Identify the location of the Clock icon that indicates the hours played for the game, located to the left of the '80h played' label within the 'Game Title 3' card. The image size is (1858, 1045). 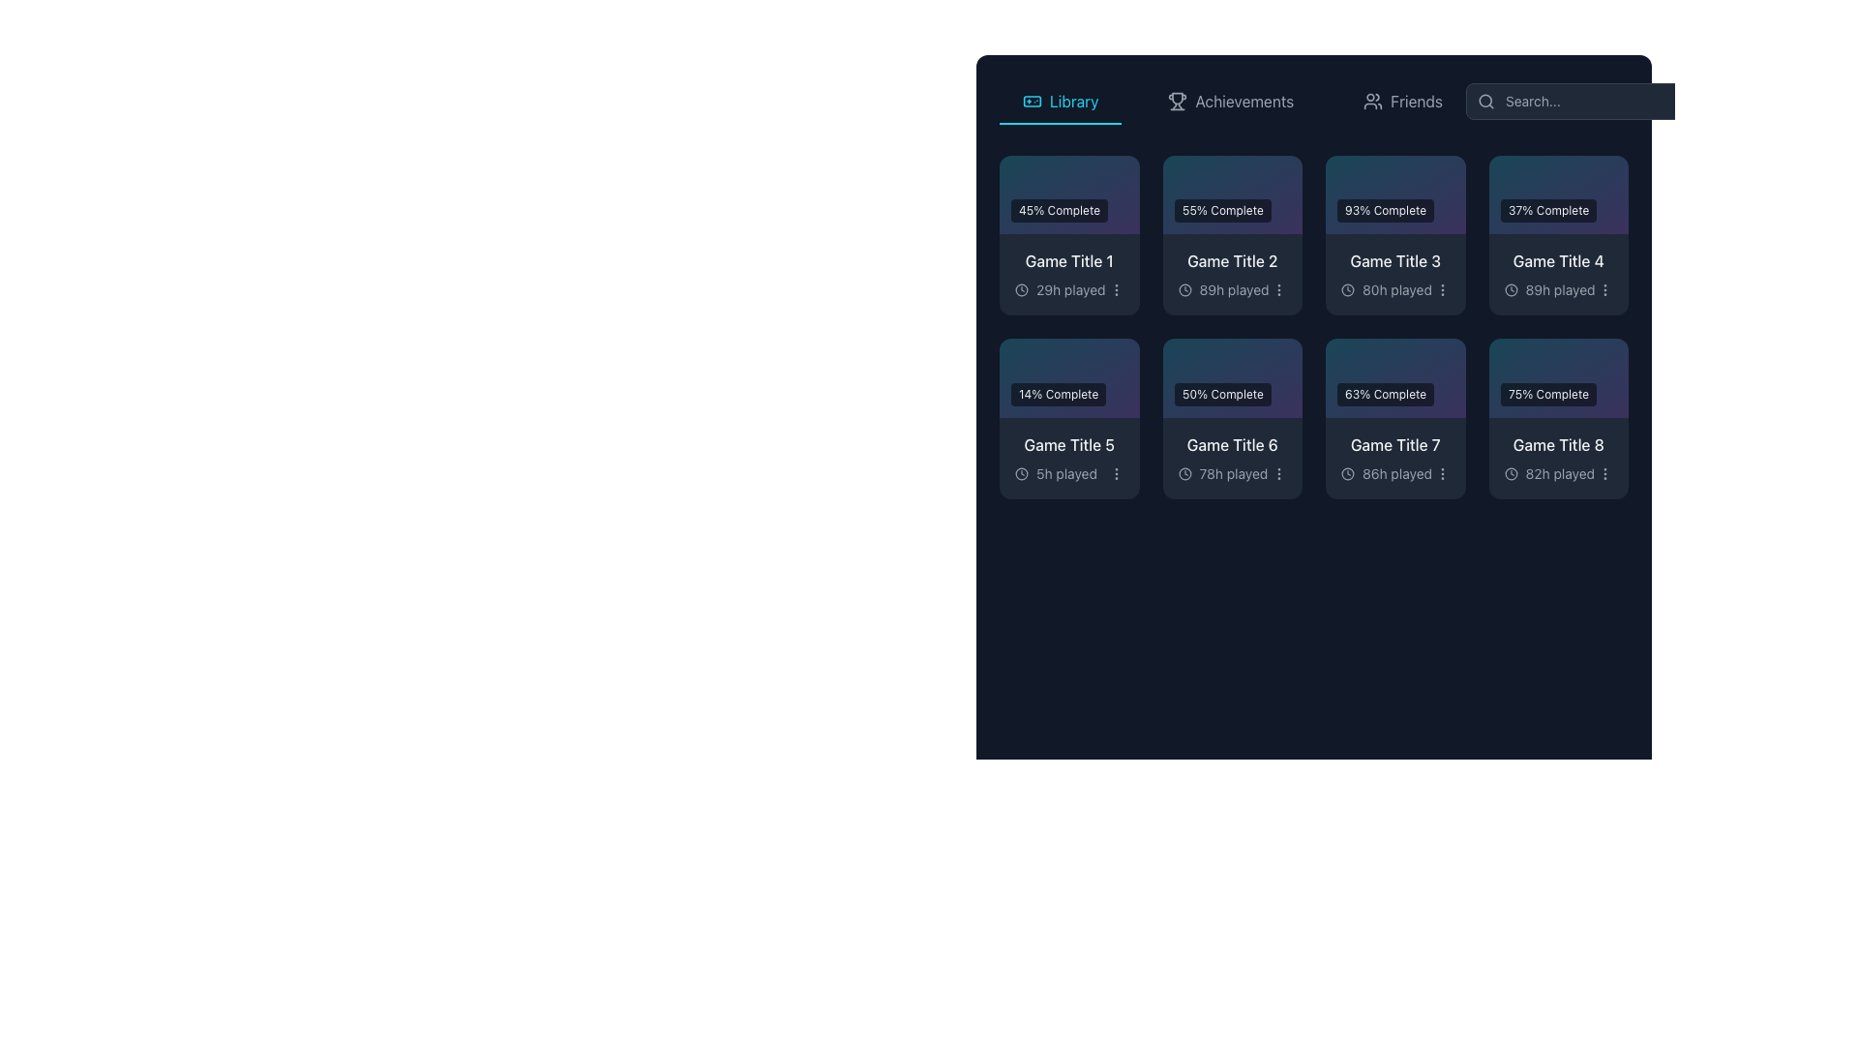
(1346, 290).